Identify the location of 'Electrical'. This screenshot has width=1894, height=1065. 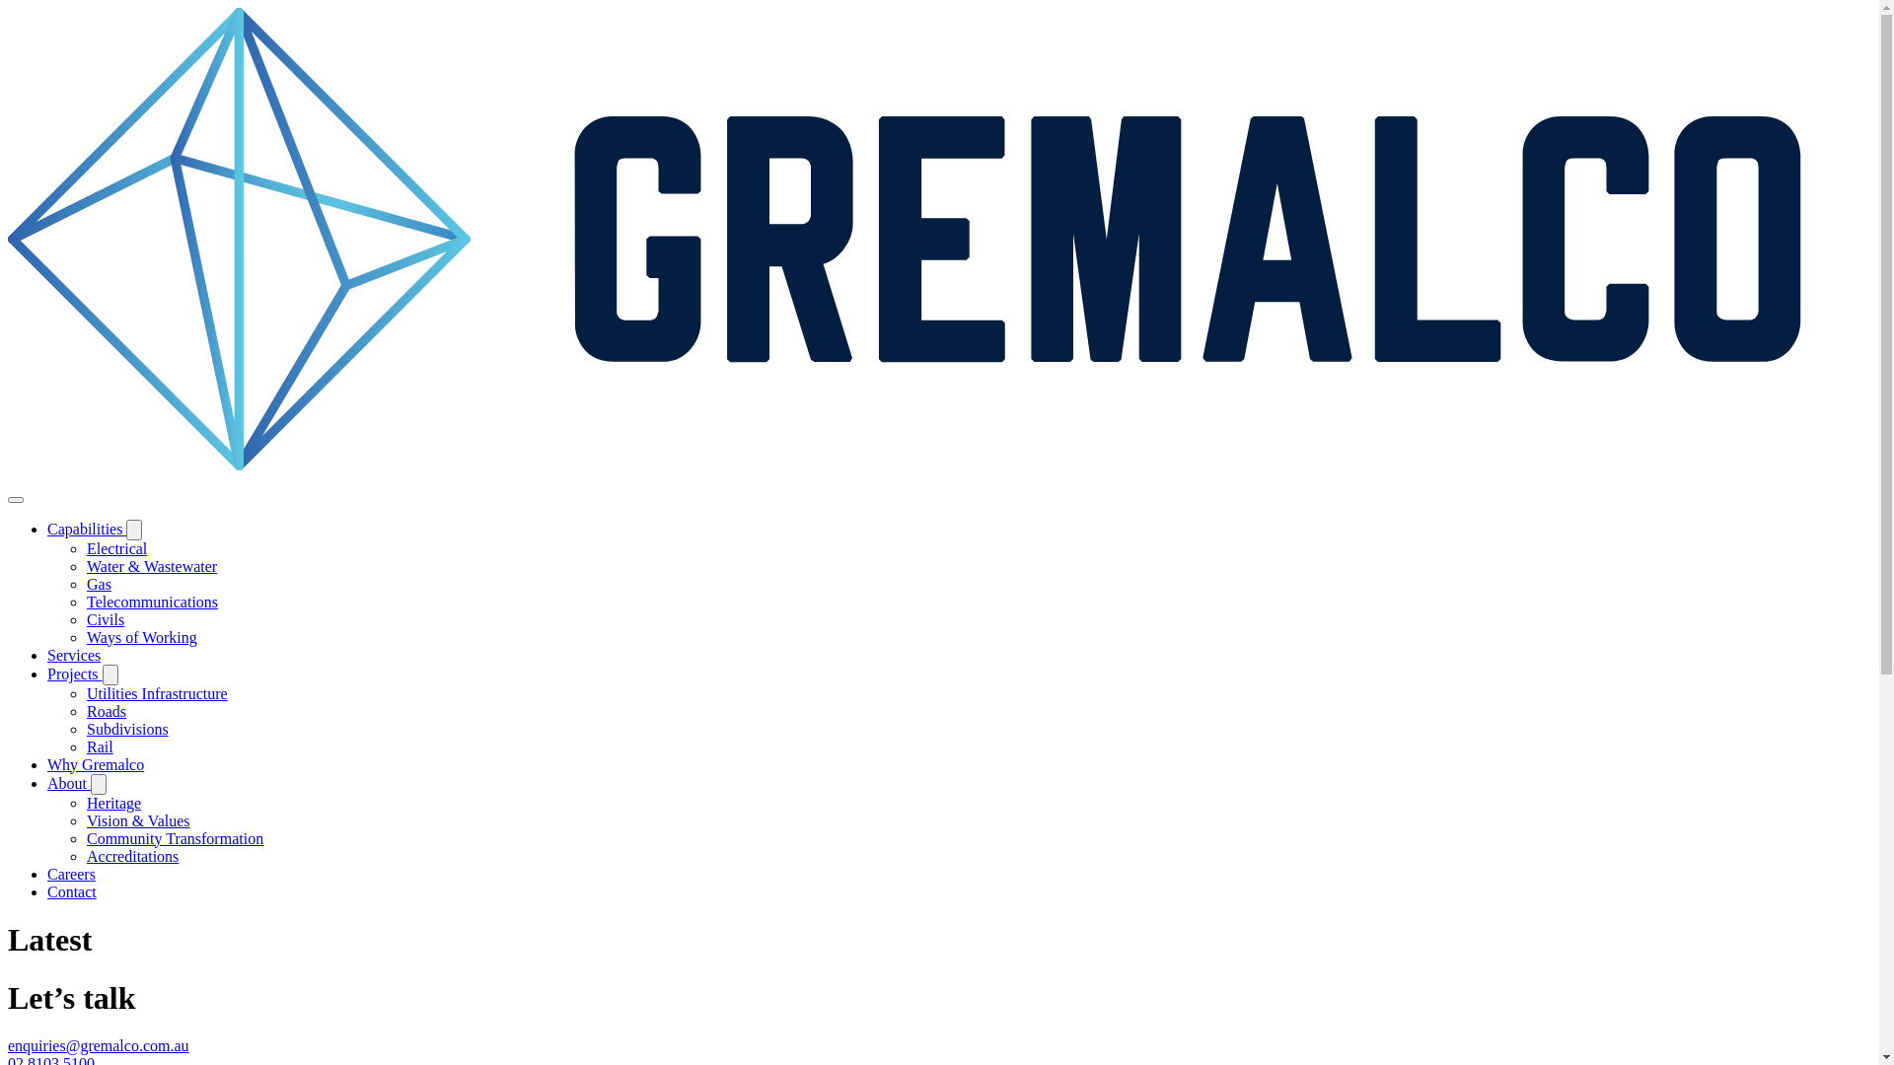
(85, 548).